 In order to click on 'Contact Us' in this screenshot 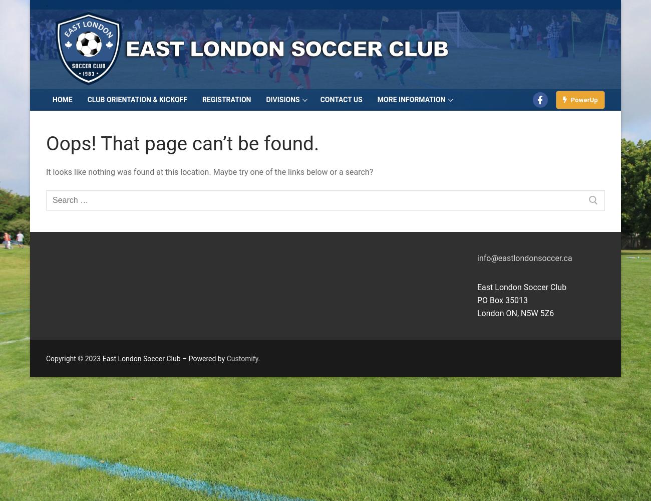, I will do `click(340, 99)`.